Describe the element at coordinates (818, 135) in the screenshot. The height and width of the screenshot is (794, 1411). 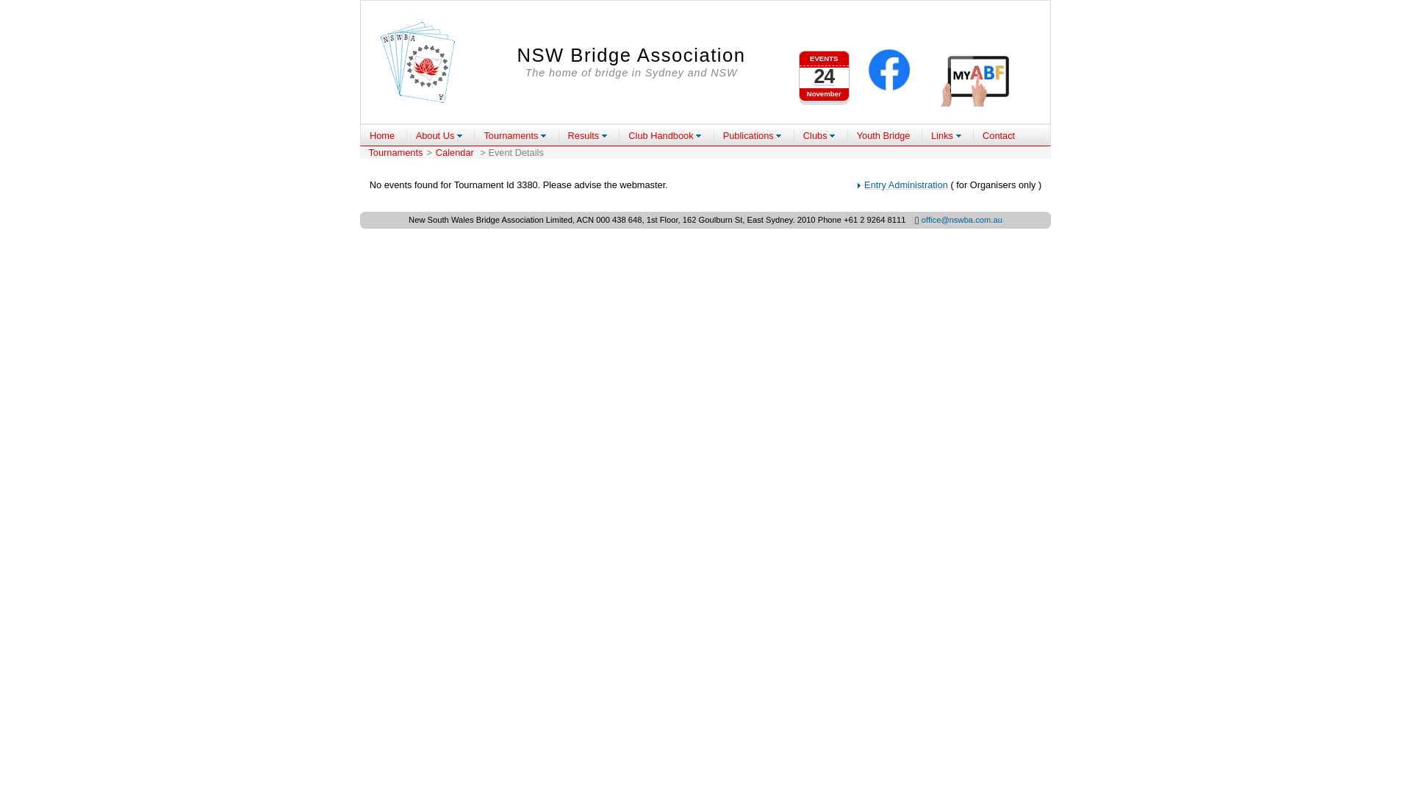
I see `'Clubs'` at that location.